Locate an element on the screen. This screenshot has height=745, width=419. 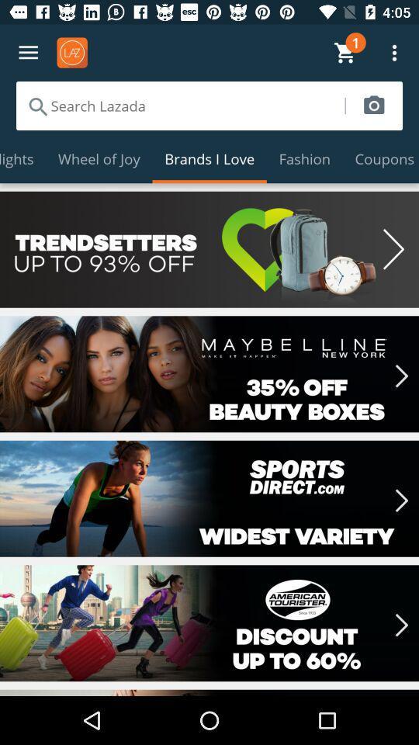
selected sports equipment is located at coordinates (209, 497).